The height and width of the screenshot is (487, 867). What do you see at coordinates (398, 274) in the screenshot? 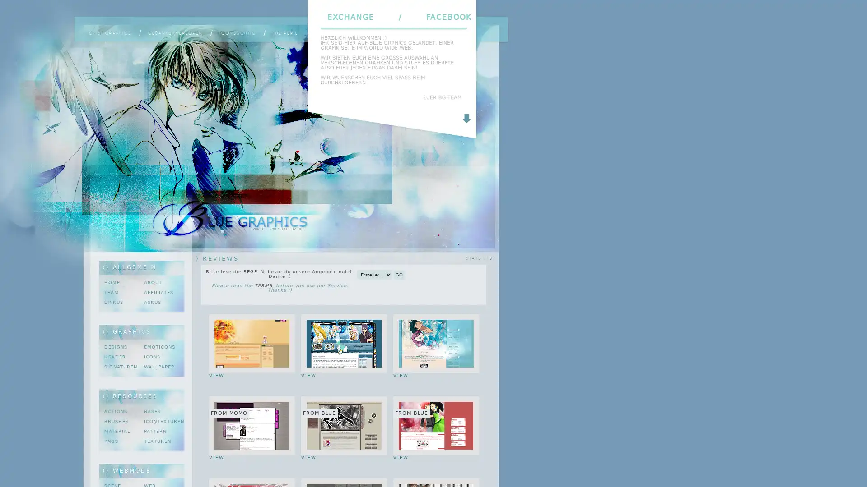
I see `GO` at bounding box center [398, 274].